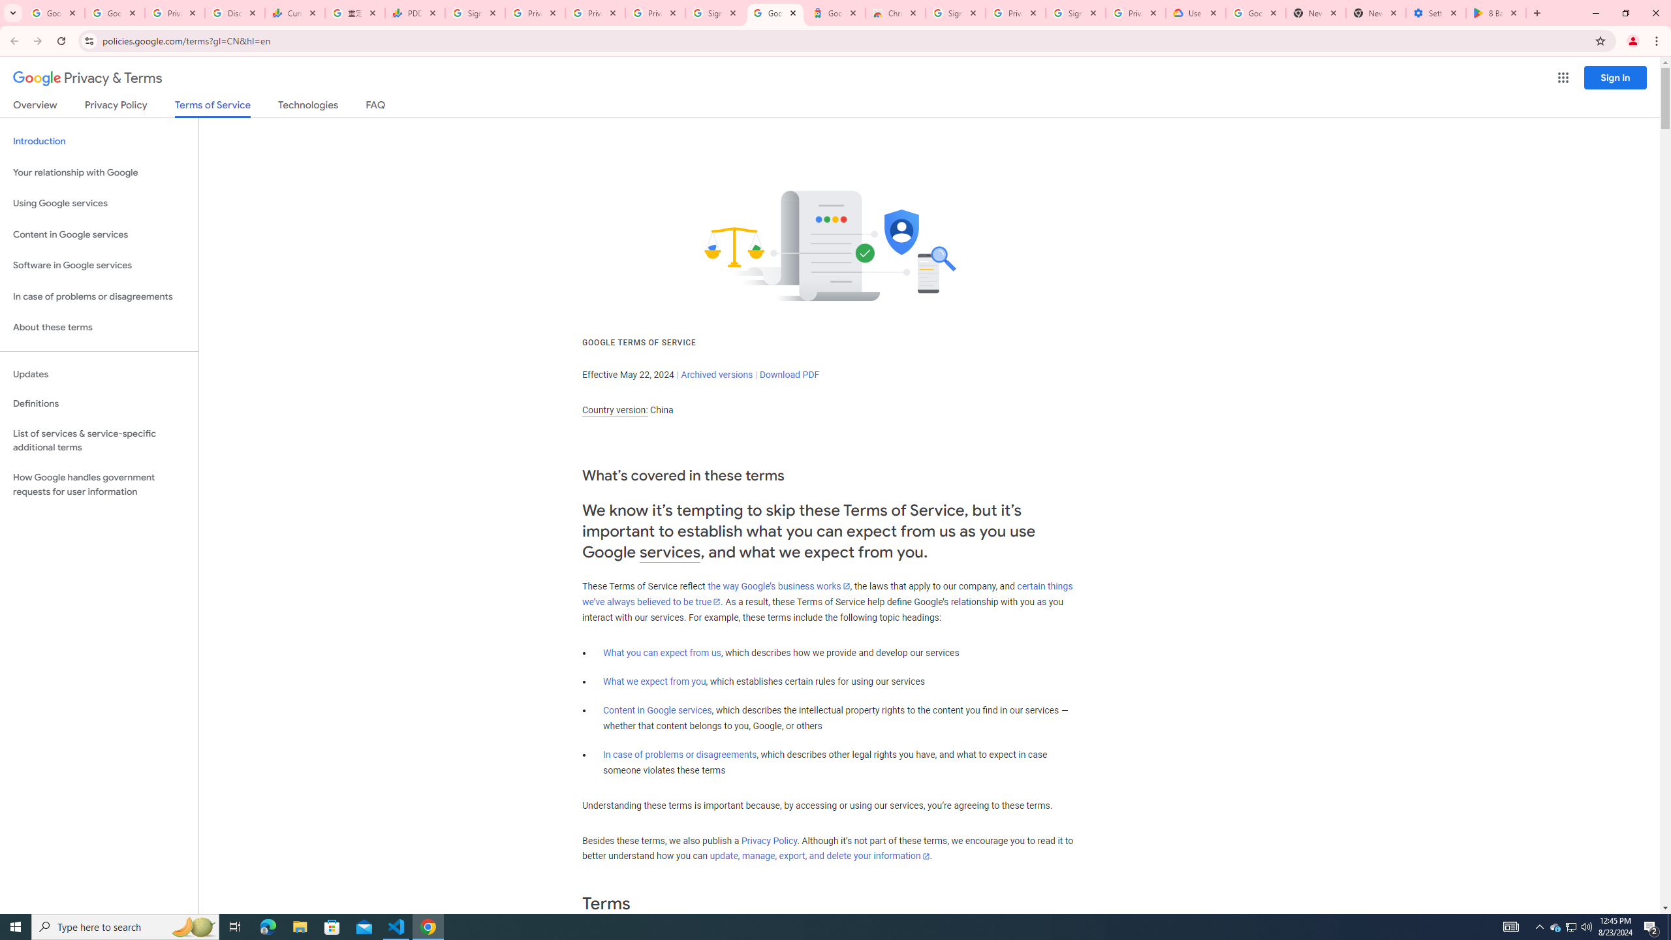 The width and height of the screenshot is (1671, 940). Describe the element at coordinates (654, 681) in the screenshot. I see `'What we expect from you'` at that location.